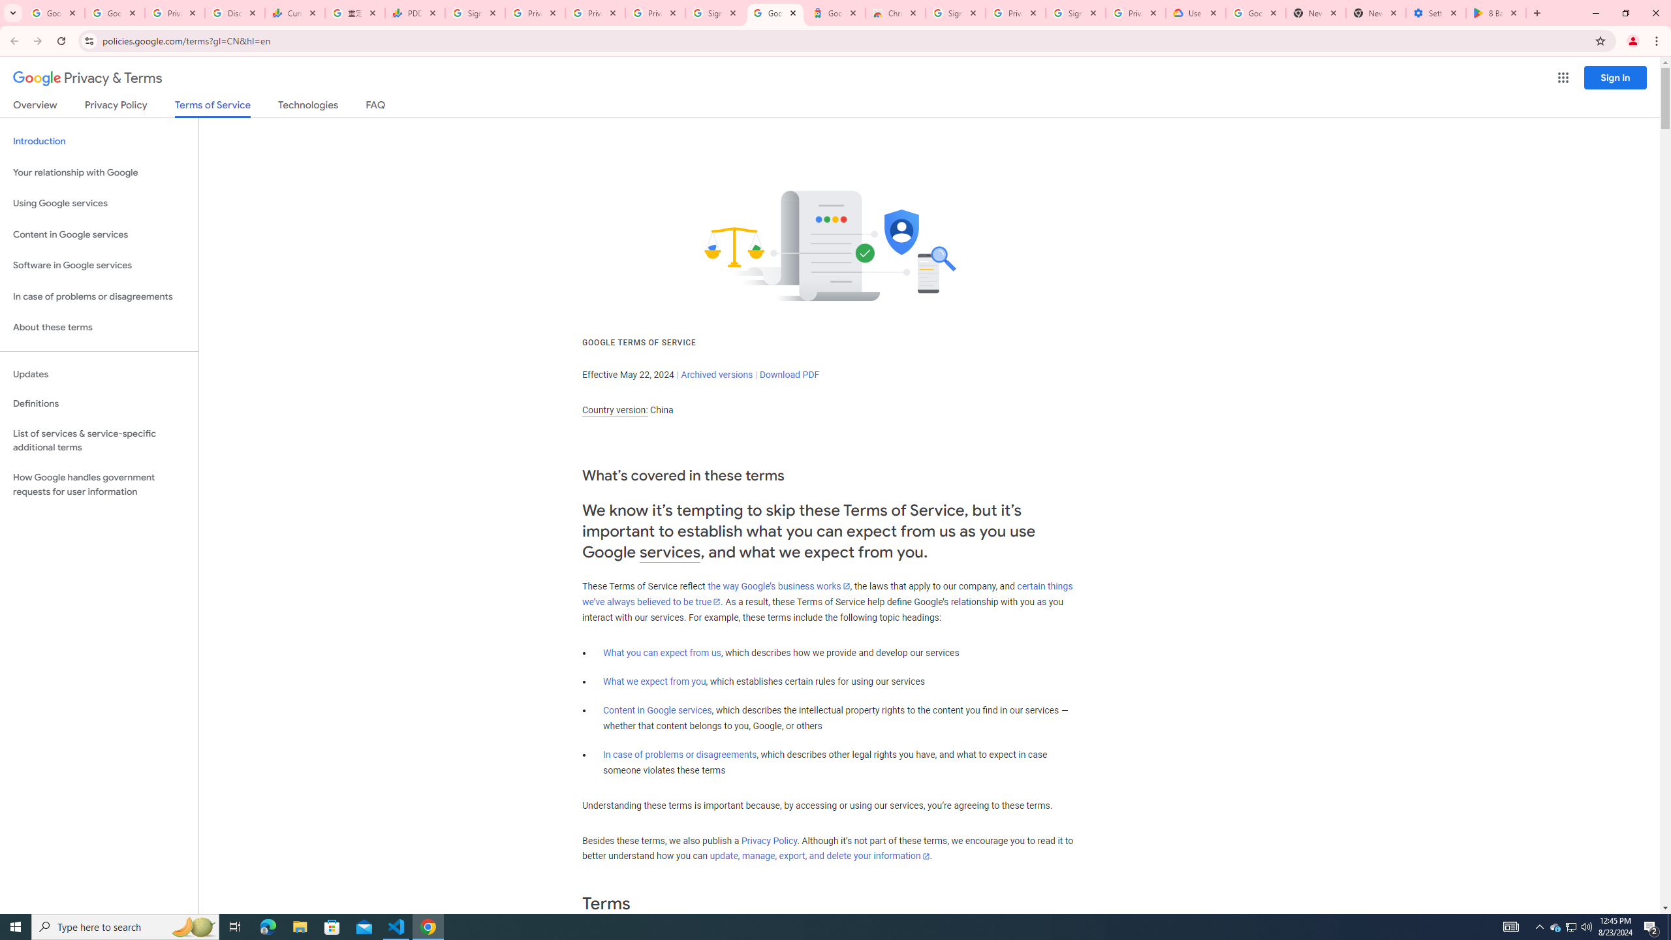 The width and height of the screenshot is (1671, 940). Describe the element at coordinates (654, 681) in the screenshot. I see `'What we expect from you'` at that location.